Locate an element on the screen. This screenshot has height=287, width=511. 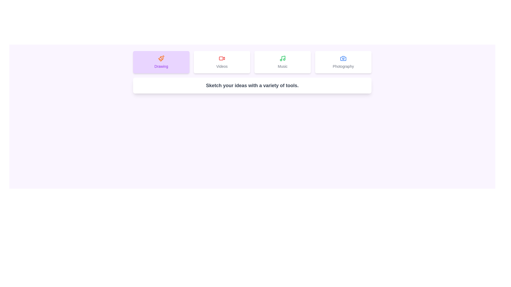
the tab labeled Music to preview its hover effect is located at coordinates (282, 62).